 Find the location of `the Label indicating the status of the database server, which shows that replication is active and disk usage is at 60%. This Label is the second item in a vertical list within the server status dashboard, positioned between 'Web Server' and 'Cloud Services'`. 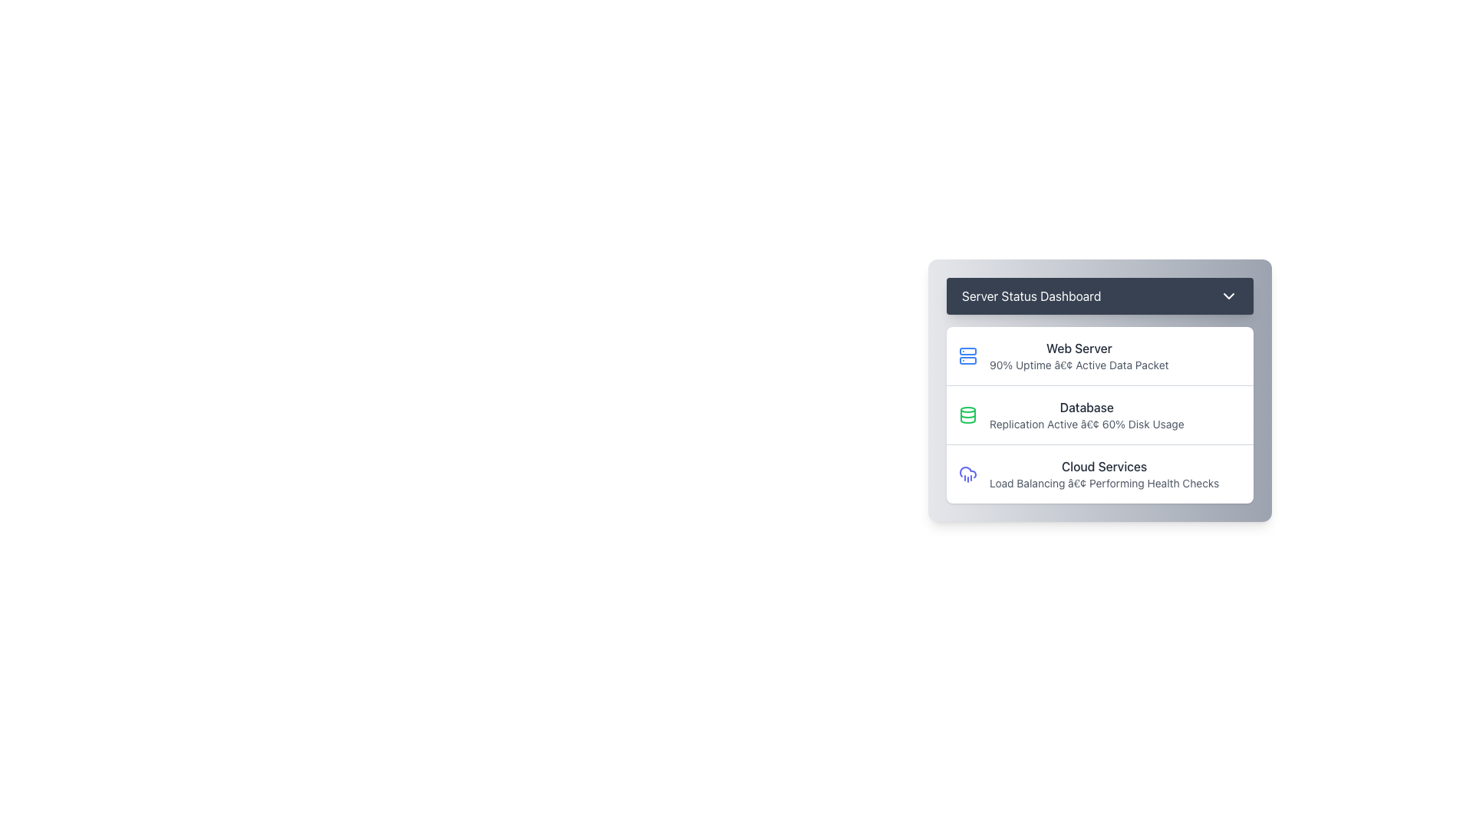

the Label indicating the status of the database server, which shows that replication is active and disk usage is at 60%. This Label is the second item in a vertical list within the server status dashboard, positioned between 'Web Server' and 'Cloud Services' is located at coordinates (1086, 414).